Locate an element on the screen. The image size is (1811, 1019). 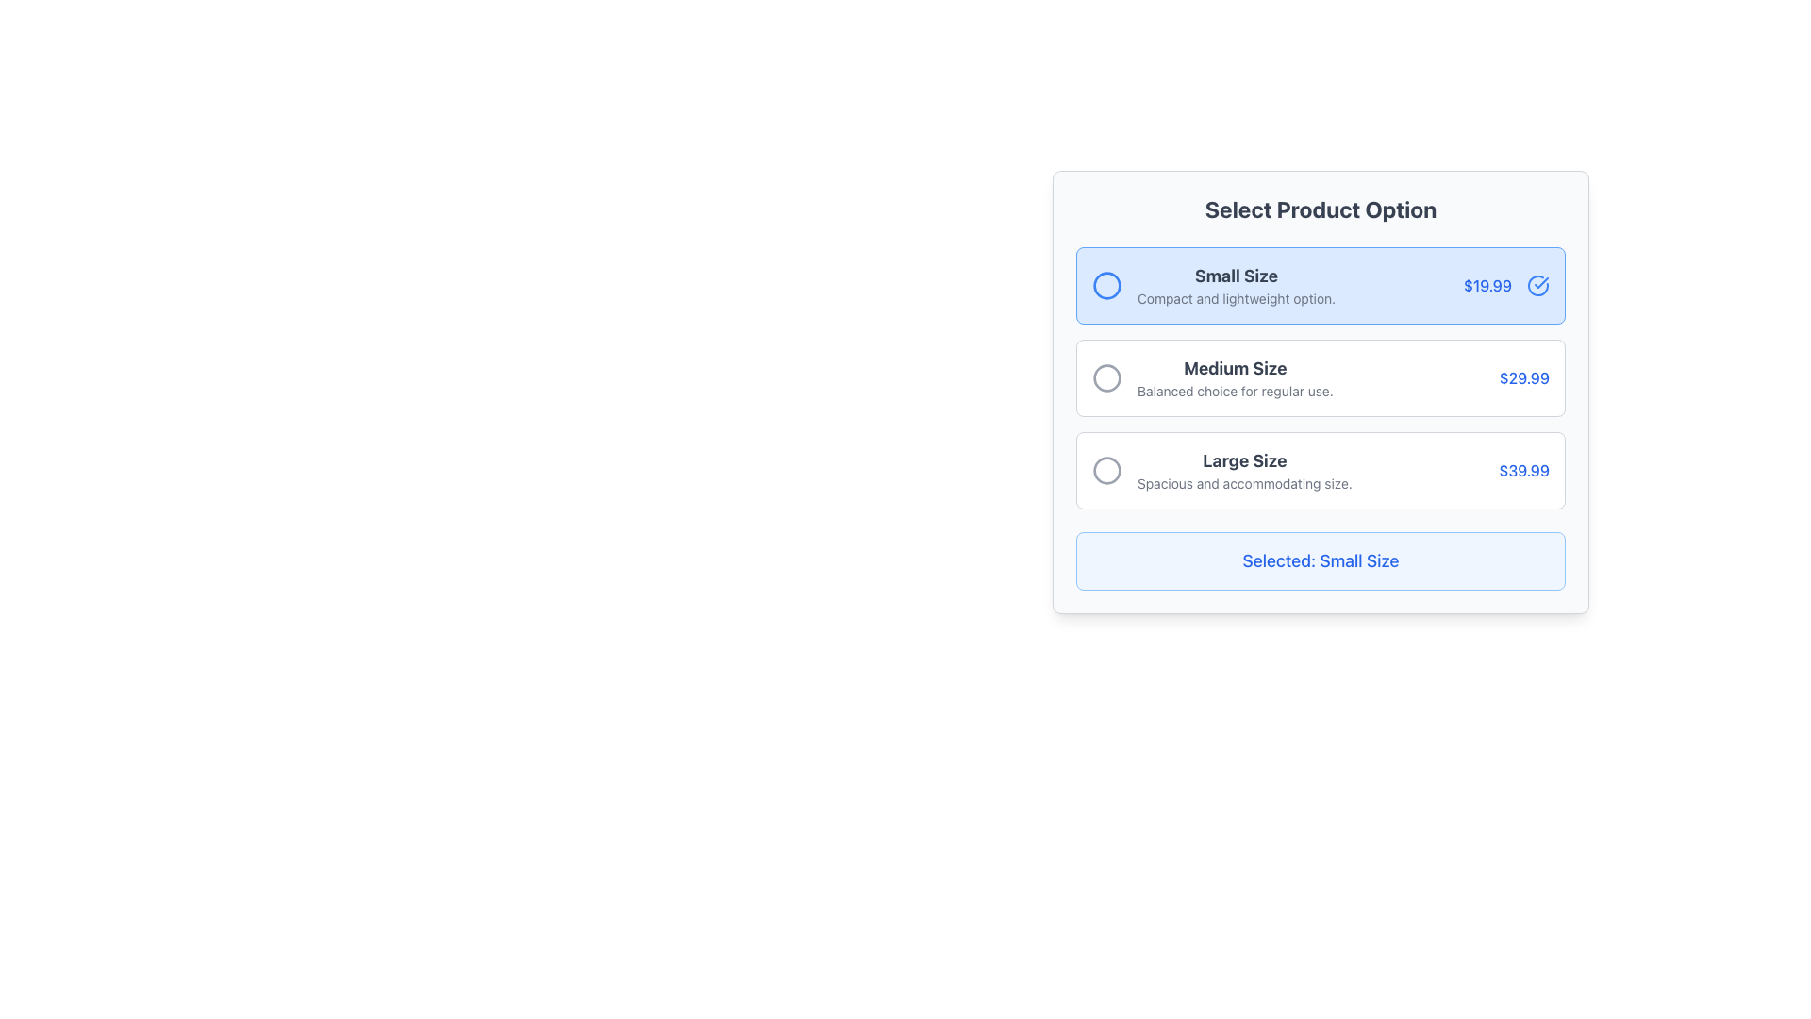
the text 'Compact and lightweight option.' located beneath the 'Small Size' heading within the blue-highlighted product option card is located at coordinates (1236, 297).